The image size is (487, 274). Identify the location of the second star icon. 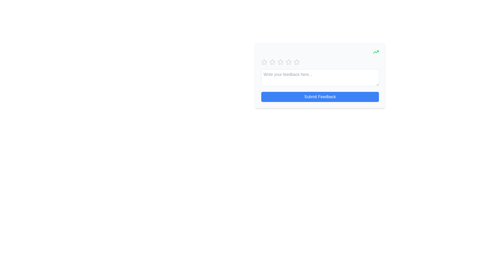
(280, 62).